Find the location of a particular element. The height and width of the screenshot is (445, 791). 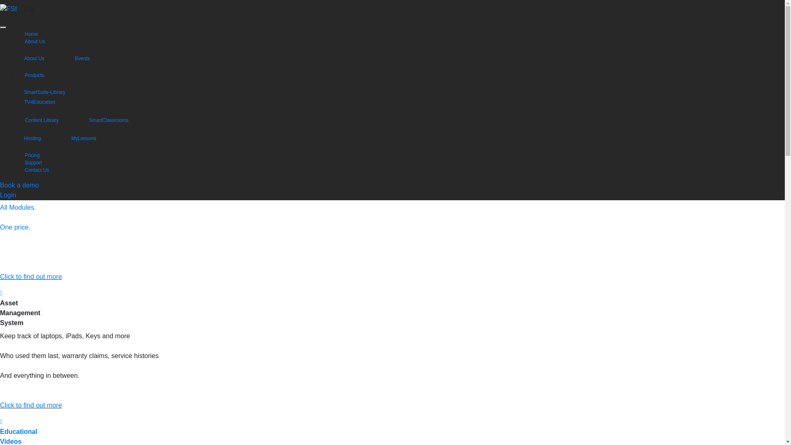

'Home' is located at coordinates (31, 34).